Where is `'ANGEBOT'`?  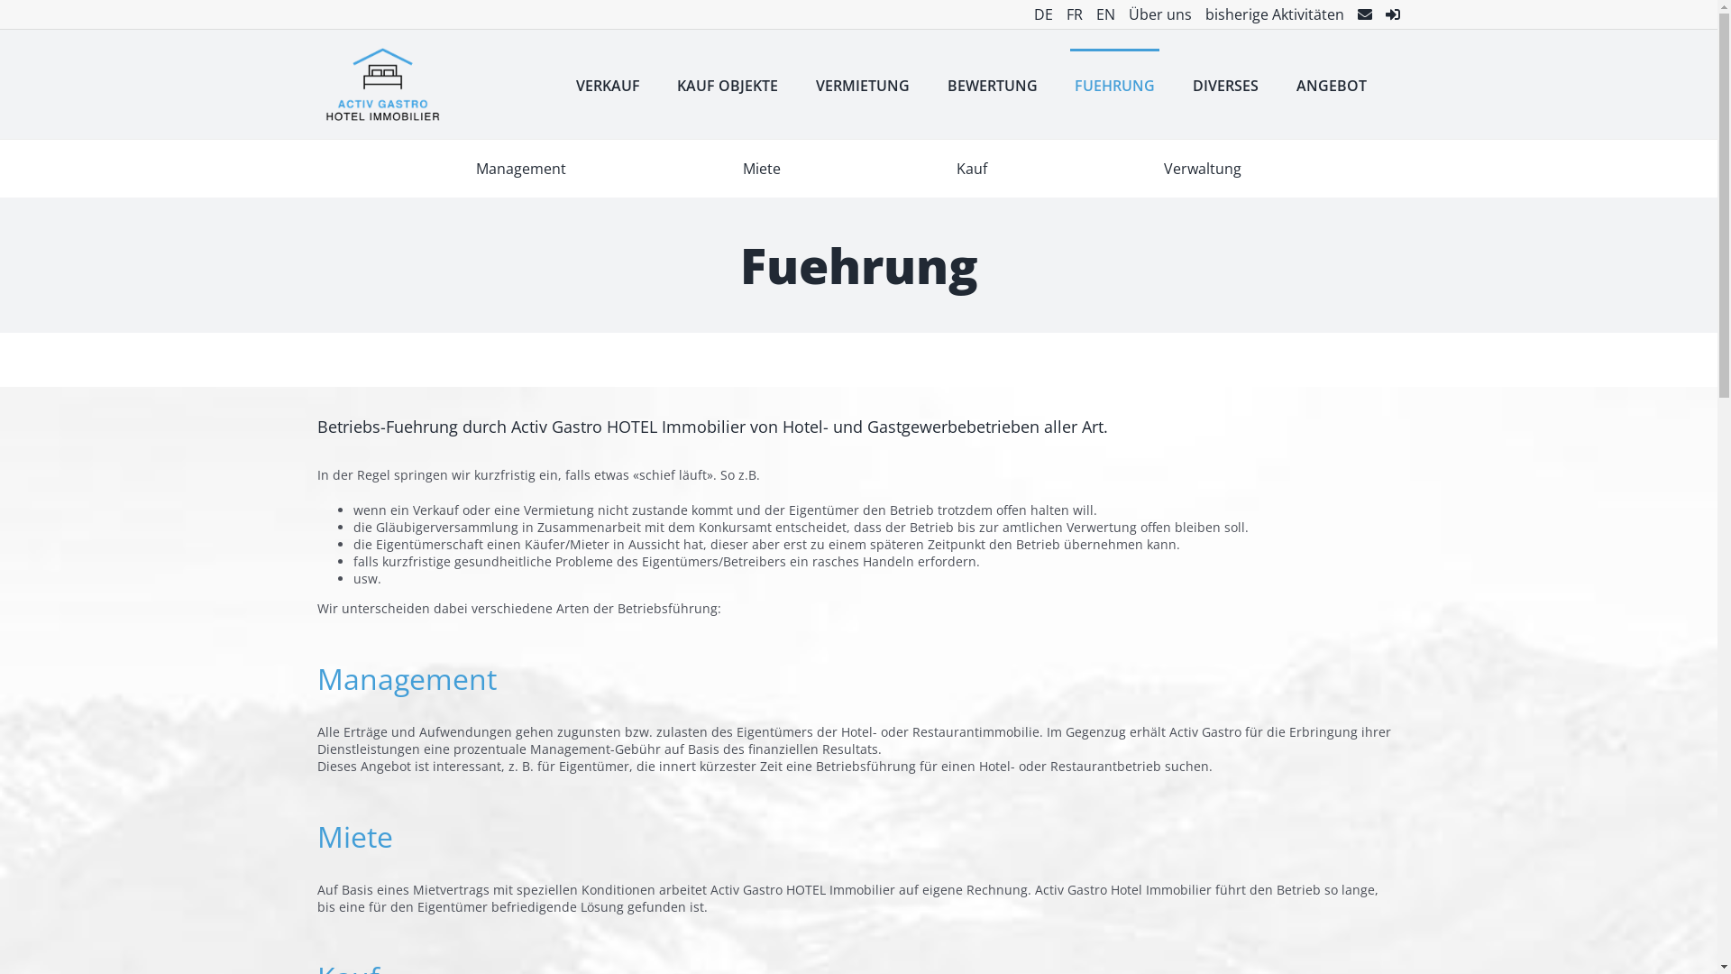 'ANGEBOT' is located at coordinates (1332, 84).